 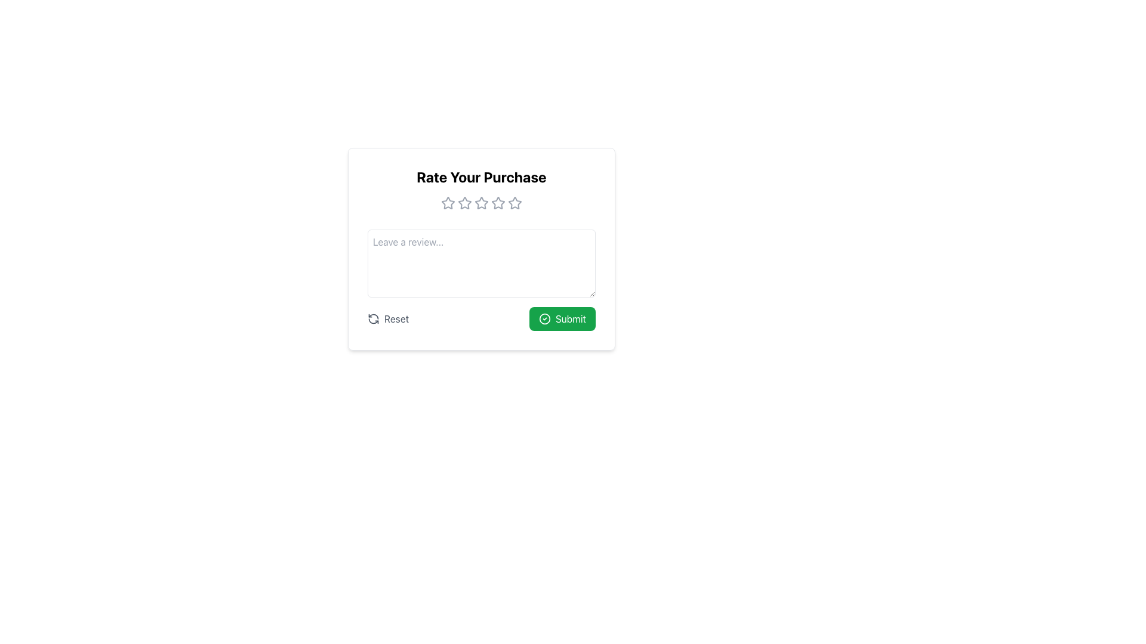 I want to click on the fourth star icon in the rating widget, so click(x=481, y=202).